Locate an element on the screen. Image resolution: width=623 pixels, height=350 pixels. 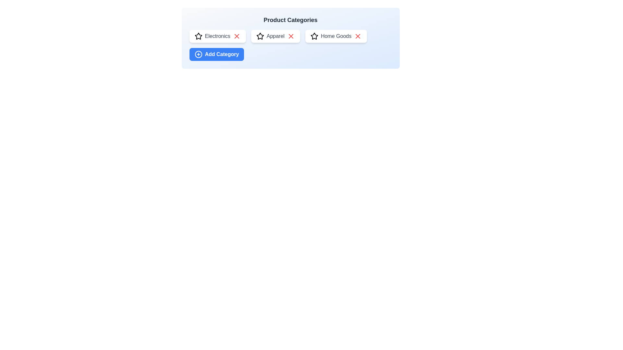
the category name Home Goods to select it is located at coordinates (336, 36).